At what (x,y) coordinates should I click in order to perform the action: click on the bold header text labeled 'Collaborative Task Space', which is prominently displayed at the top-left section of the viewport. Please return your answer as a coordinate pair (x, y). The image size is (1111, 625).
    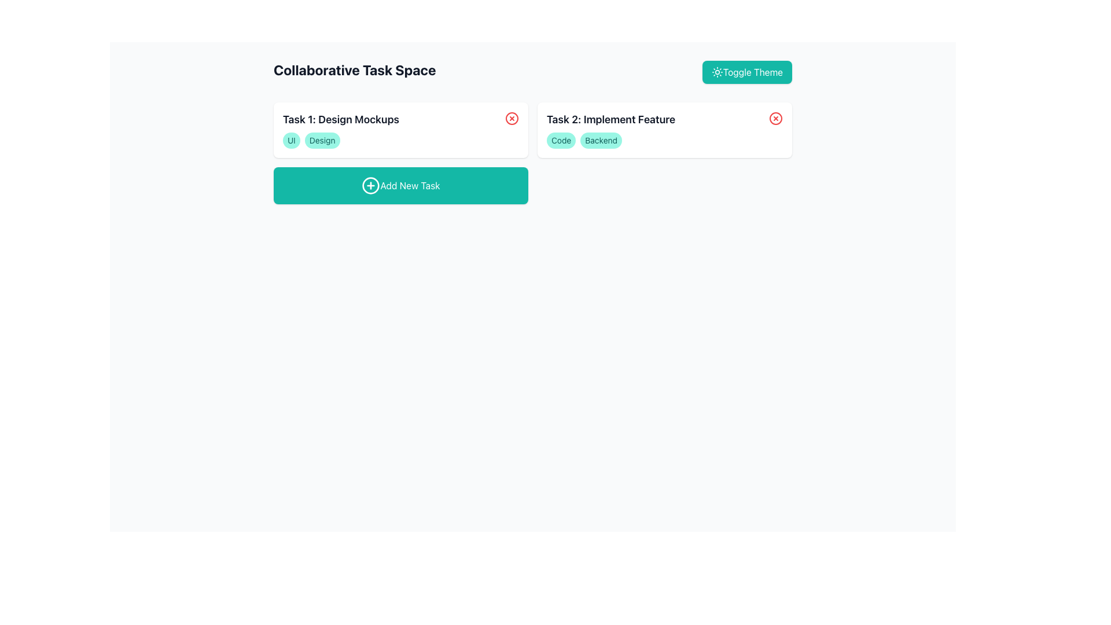
    Looking at the image, I should click on (354, 72).